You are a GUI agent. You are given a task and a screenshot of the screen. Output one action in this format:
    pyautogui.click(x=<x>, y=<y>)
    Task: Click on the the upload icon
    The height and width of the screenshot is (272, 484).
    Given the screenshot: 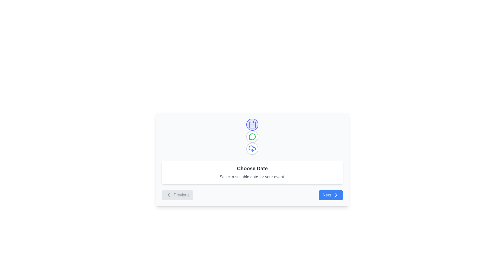 What is the action you would take?
    pyautogui.click(x=252, y=148)
    